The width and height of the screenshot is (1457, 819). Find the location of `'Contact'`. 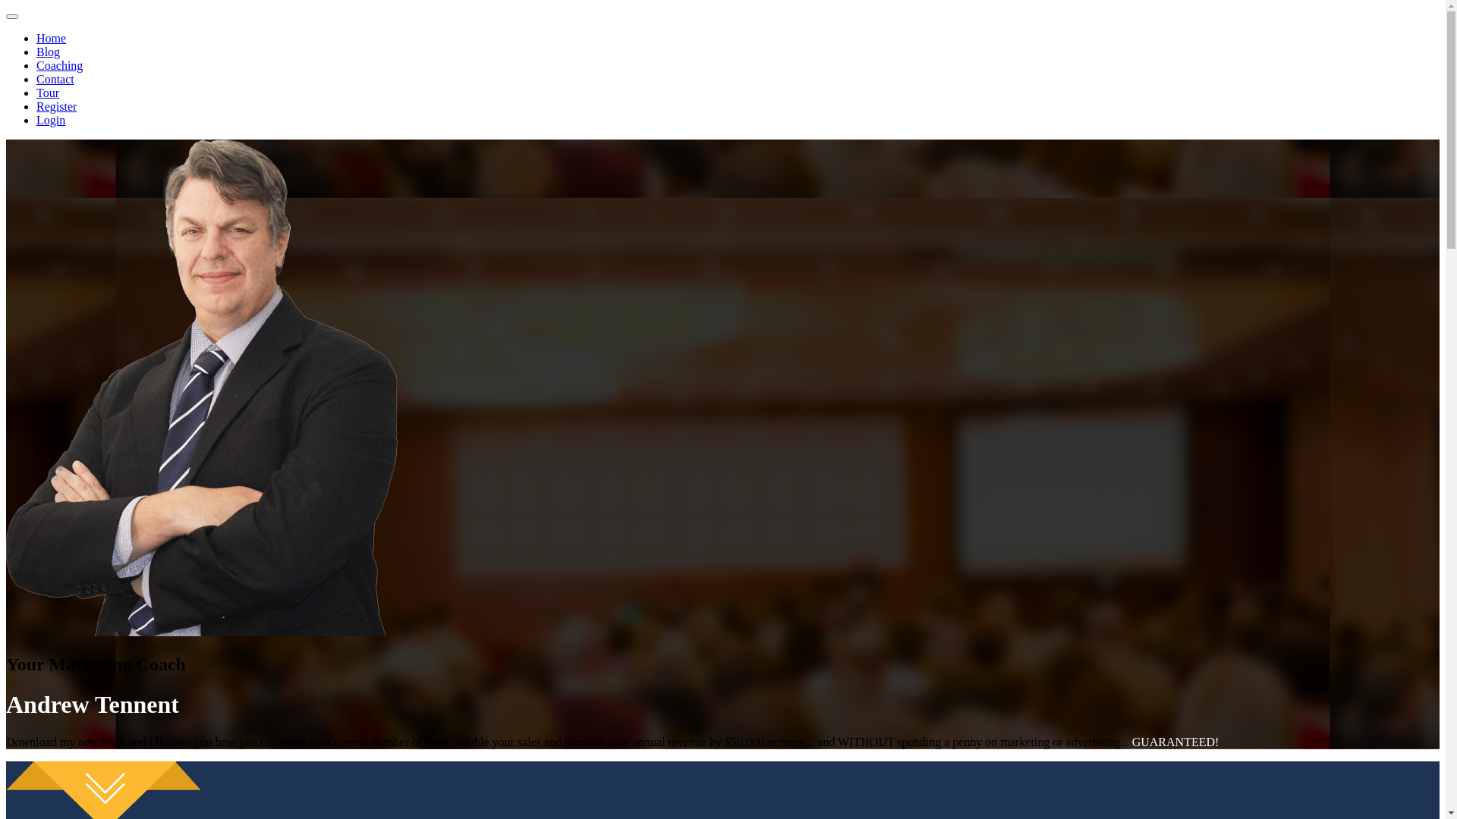

'Contact' is located at coordinates (55, 79).